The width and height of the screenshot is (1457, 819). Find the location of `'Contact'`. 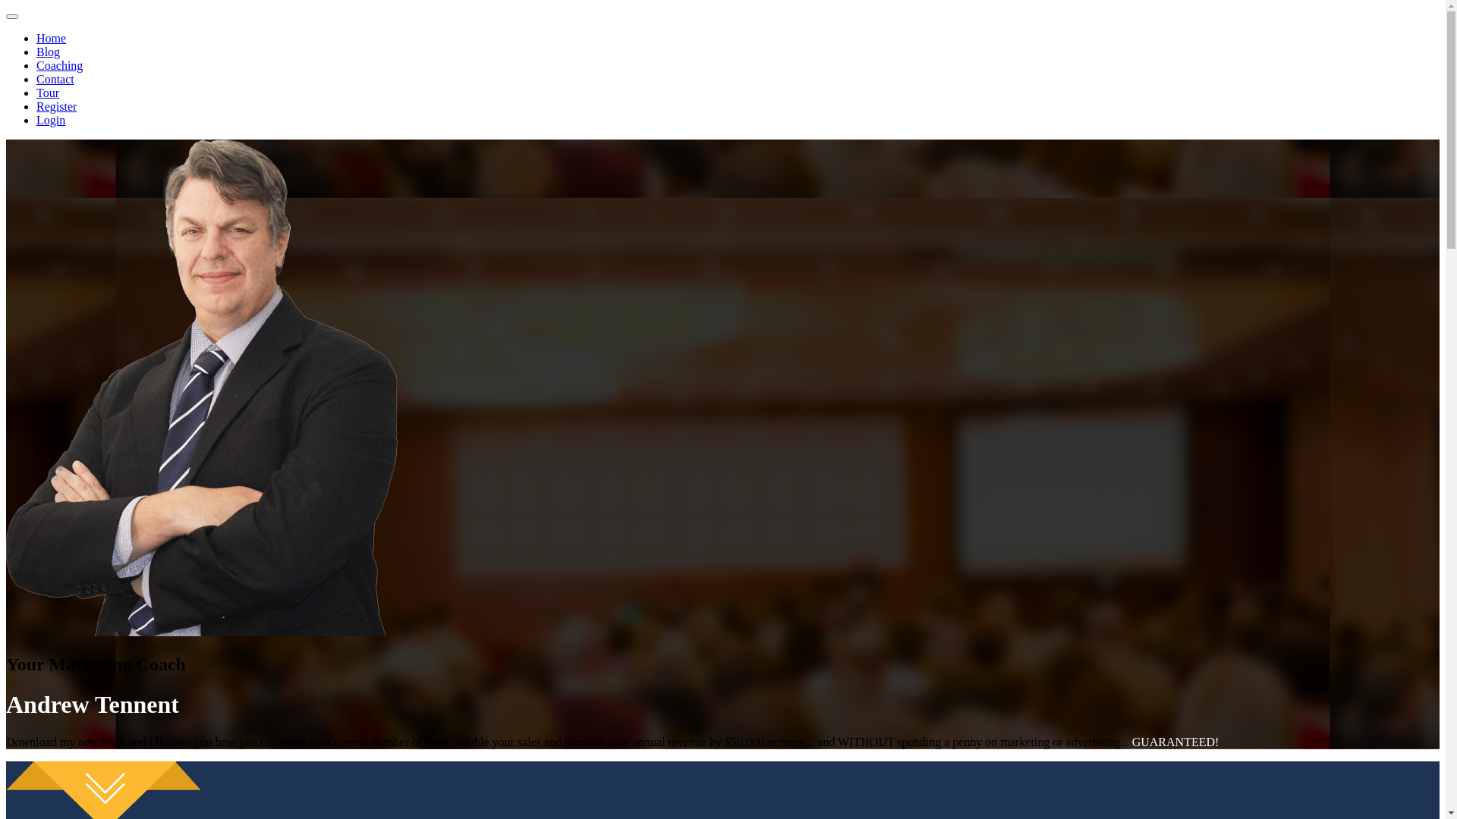

'Contact' is located at coordinates (55, 79).